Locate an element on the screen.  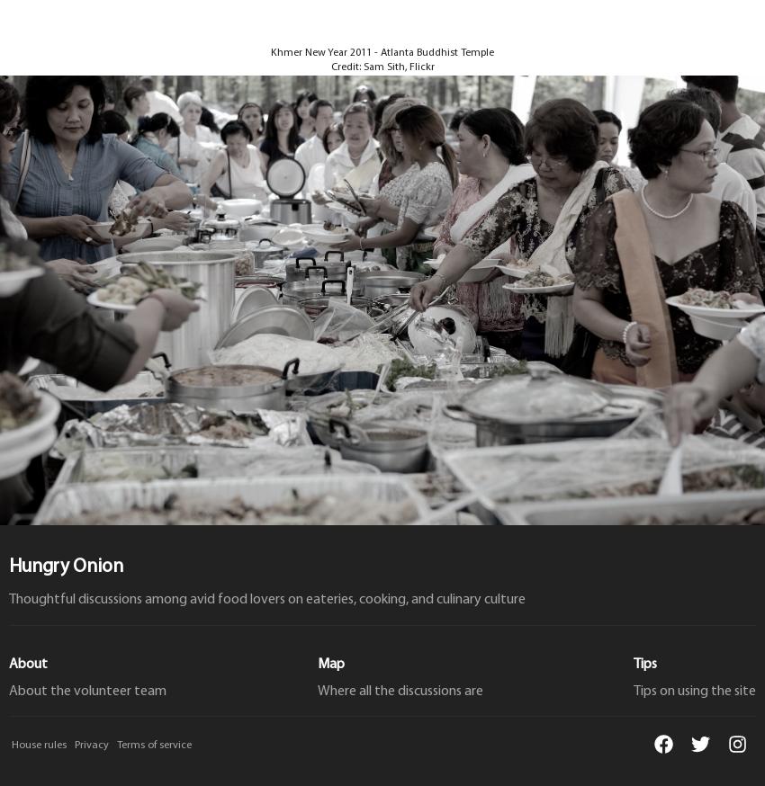
'Terms of service' is located at coordinates (153, 745).